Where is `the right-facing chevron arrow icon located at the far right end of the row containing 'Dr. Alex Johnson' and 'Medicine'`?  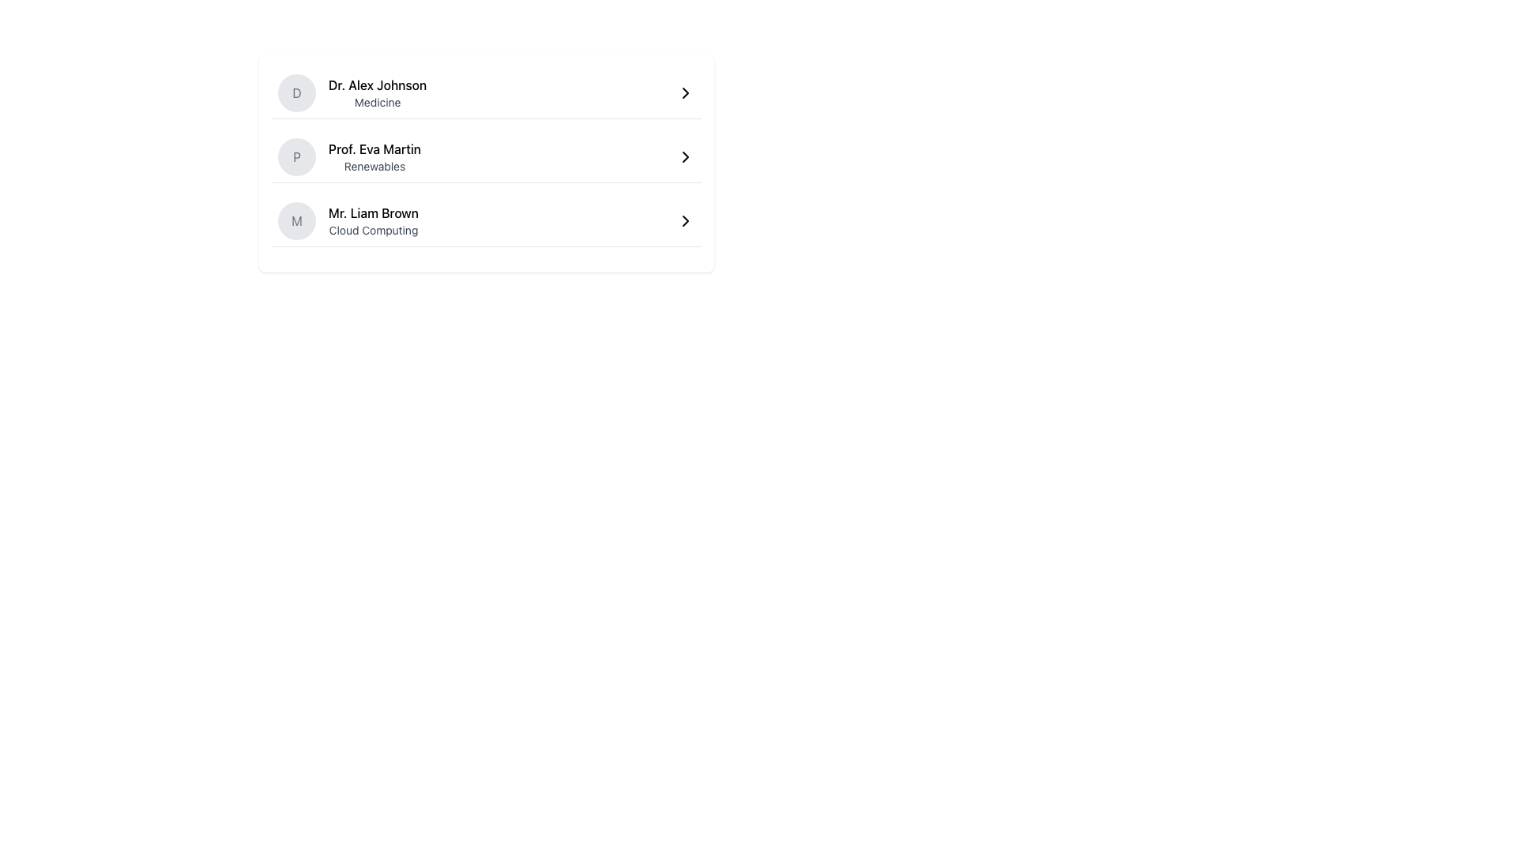
the right-facing chevron arrow icon located at the far right end of the row containing 'Dr. Alex Johnson' and 'Medicine' is located at coordinates (686, 93).